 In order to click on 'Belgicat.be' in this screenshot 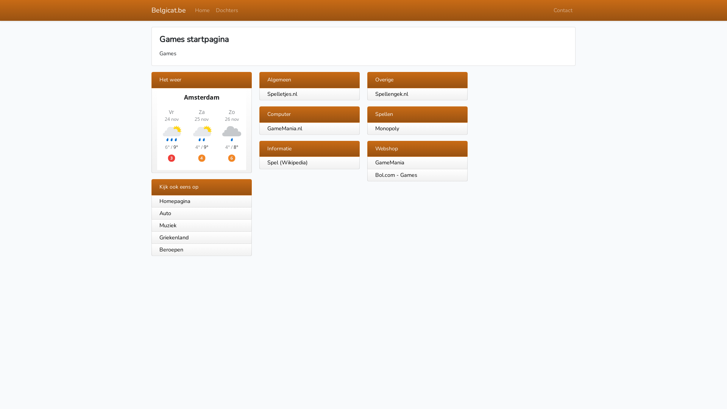, I will do `click(168, 10)`.